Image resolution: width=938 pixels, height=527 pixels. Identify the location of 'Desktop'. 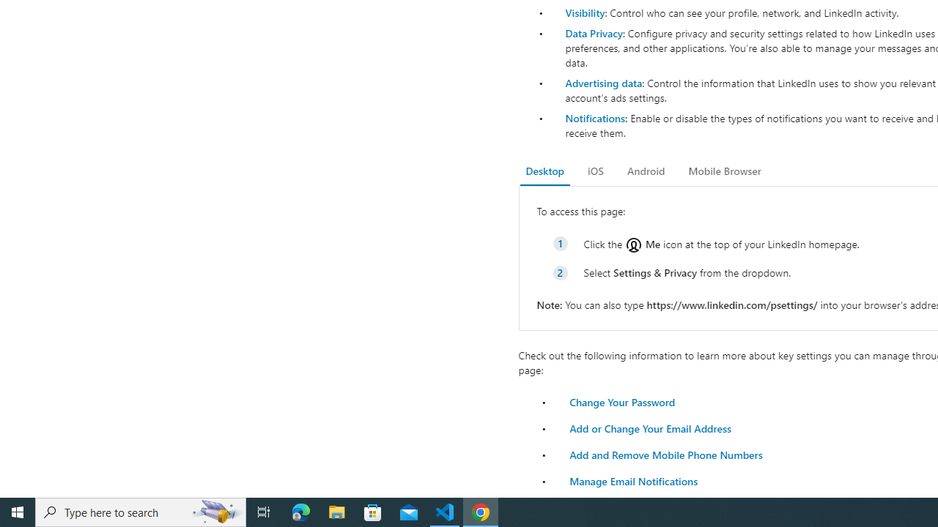
(544, 171).